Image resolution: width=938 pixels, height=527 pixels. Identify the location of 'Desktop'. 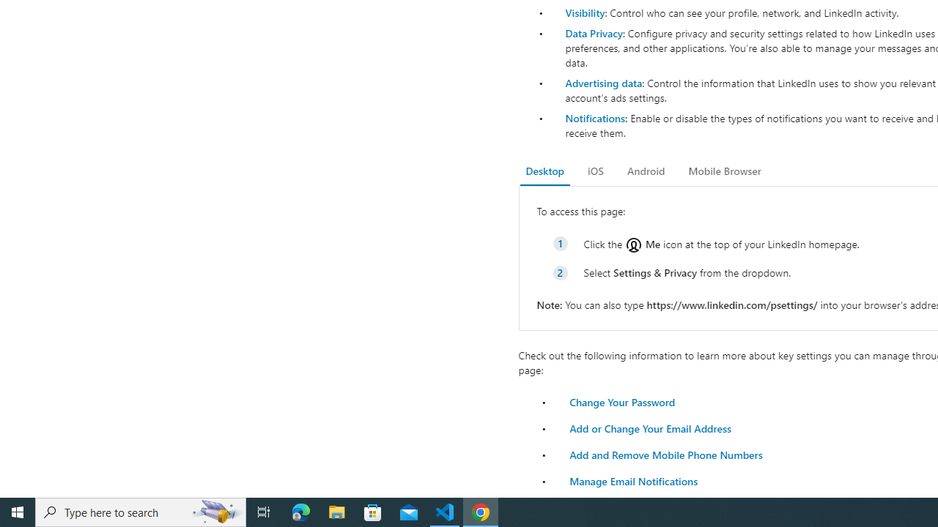
(544, 171).